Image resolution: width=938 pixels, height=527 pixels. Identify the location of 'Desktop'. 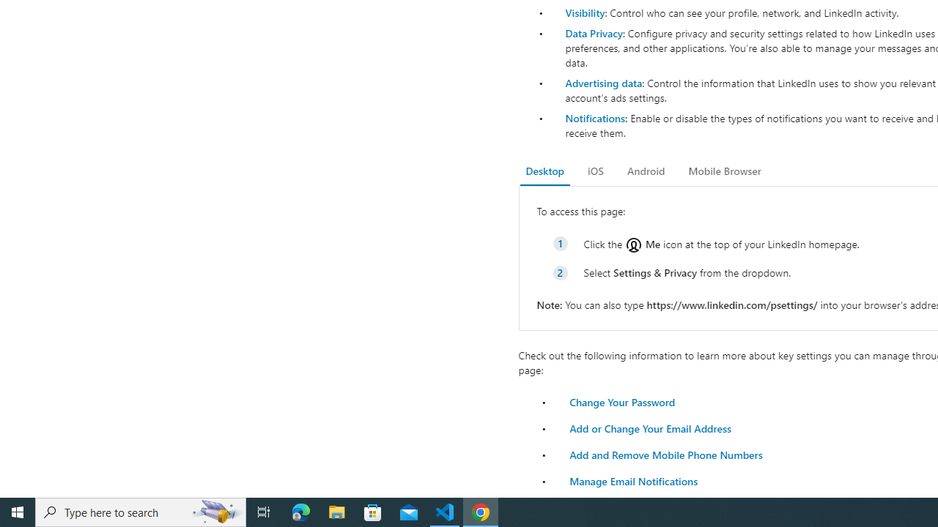
(544, 171).